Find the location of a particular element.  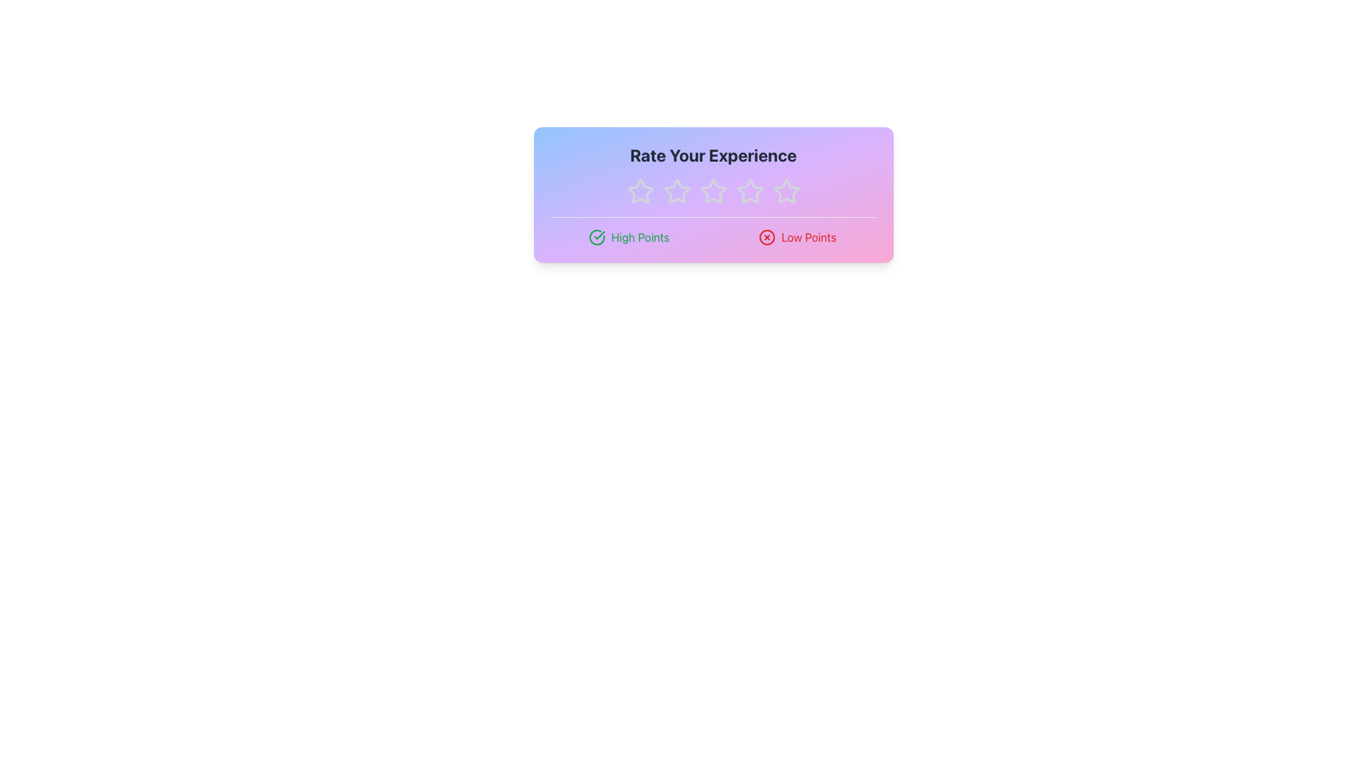

the circular SVG graphic icon with a green outline featuring a checkmark, located to the left of the text 'High Points' is located at coordinates (597, 237).